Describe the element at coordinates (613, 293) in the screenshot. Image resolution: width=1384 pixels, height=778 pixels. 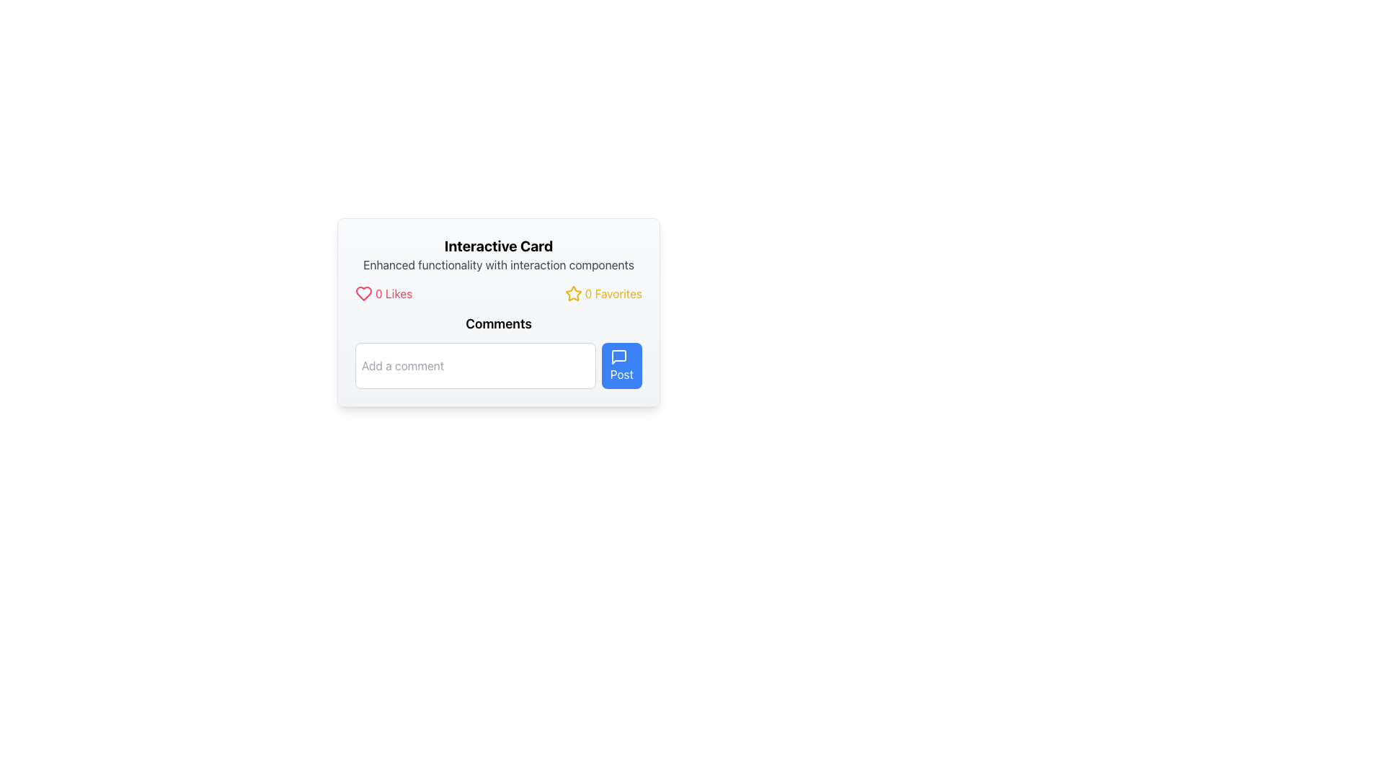
I see `the '0 Favorites' text label, which is displayed in yellow and indicates the favorites feature` at that location.